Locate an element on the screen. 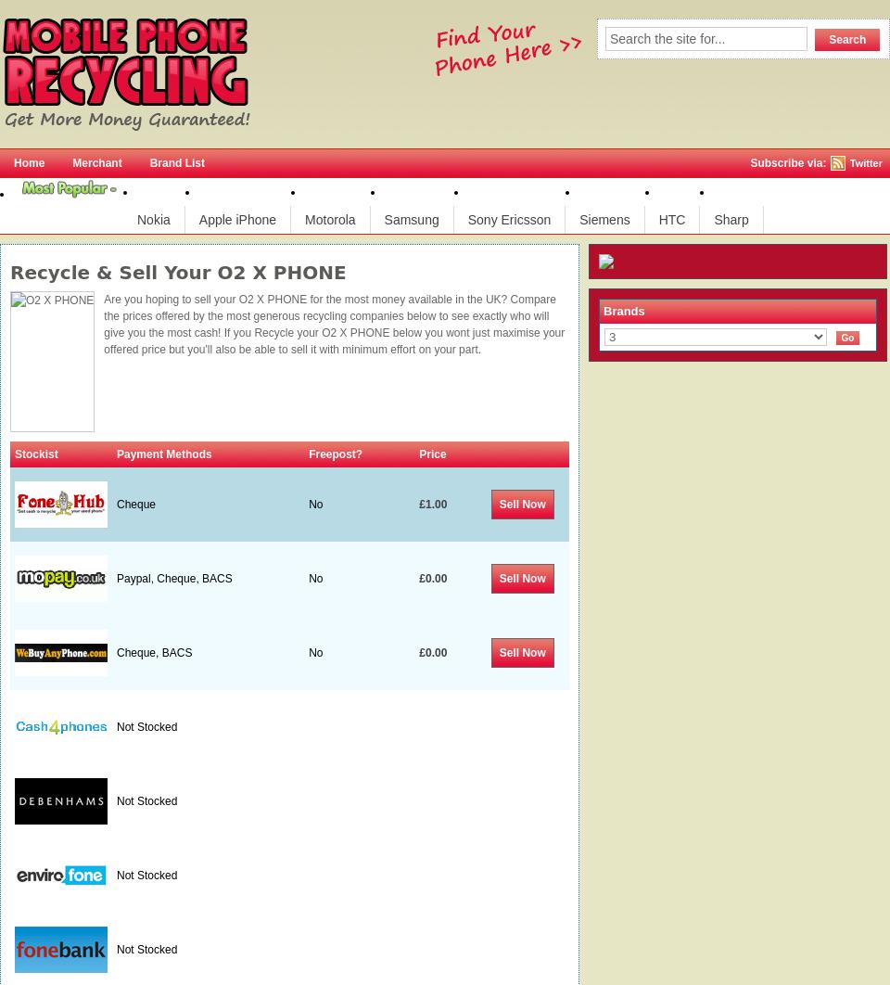 Image resolution: width=890 pixels, height=985 pixels. 'Paypal, Cheque, BACS' is located at coordinates (173, 579).